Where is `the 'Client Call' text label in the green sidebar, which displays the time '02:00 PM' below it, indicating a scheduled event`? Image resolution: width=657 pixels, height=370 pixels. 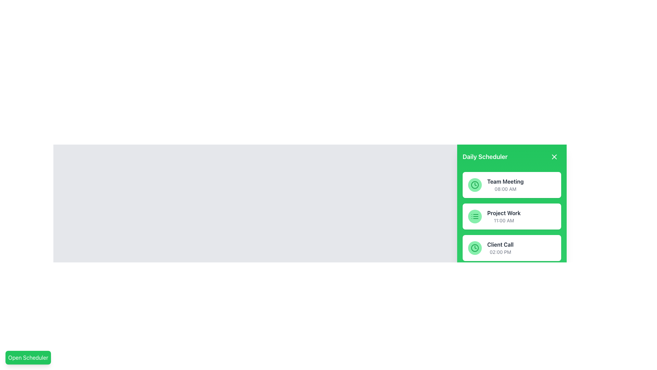
the 'Client Call' text label in the green sidebar, which displays the time '02:00 PM' below it, indicating a scheduled event is located at coordinates (500, 248).